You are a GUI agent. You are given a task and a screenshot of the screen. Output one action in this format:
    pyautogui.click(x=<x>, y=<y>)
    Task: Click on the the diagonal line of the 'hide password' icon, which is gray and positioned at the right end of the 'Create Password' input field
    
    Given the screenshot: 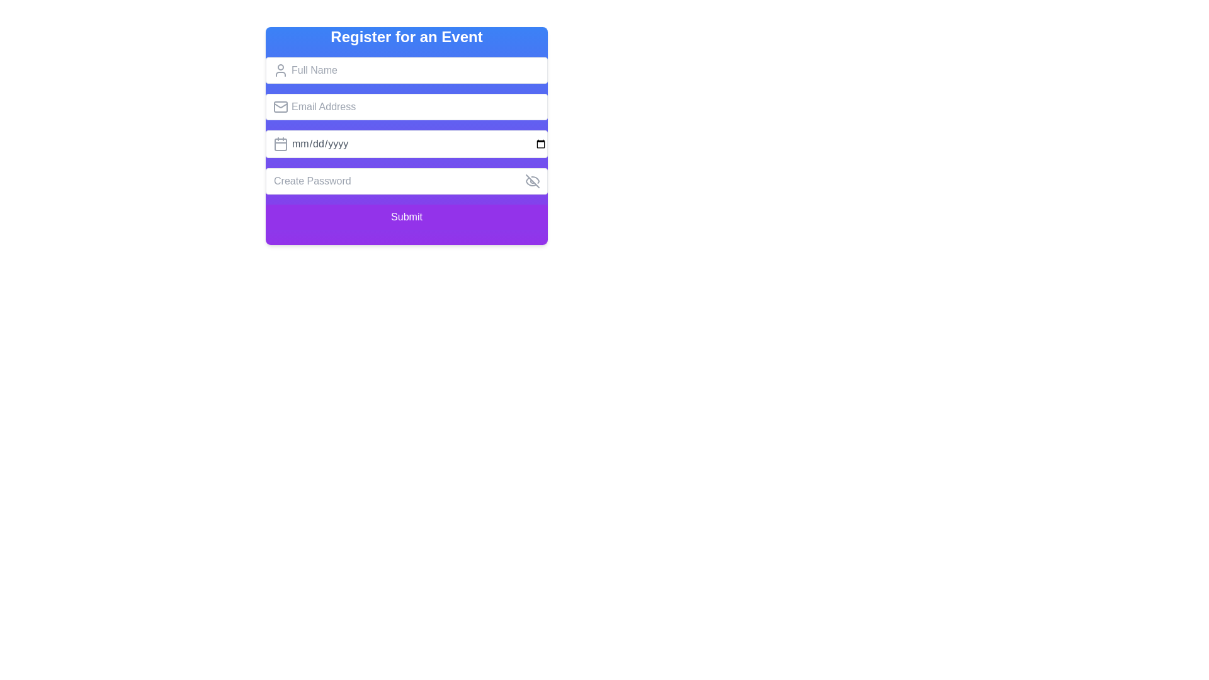 What is the action you would take?
    pyautogui.click(x=532, y=181)
    